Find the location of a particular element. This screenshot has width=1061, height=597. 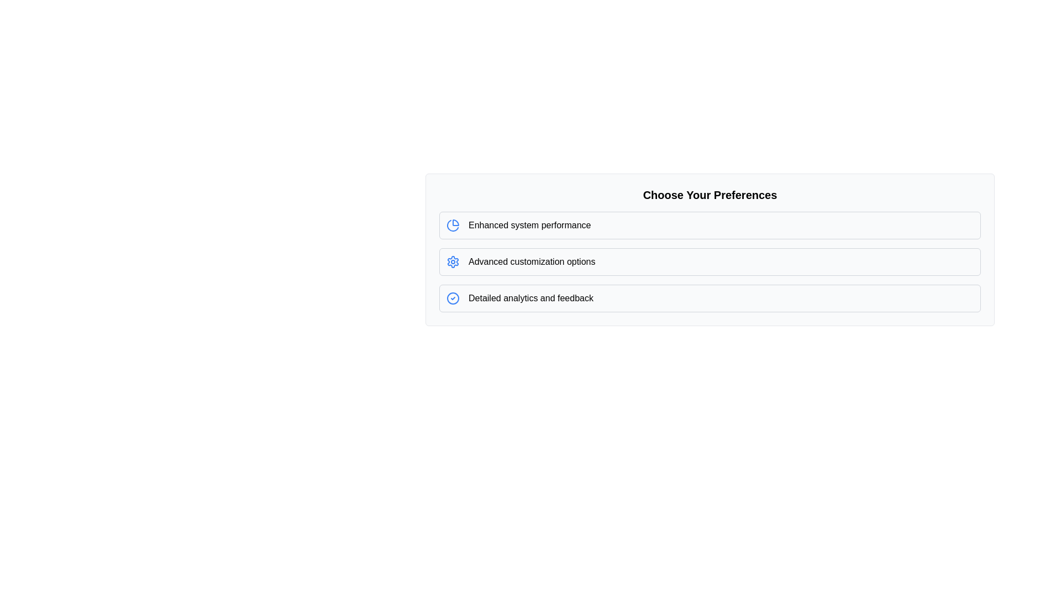

the pie chart SVG icon representing system performance metrics, which is the first option under 'Choose Your Preferences' is located at coordinates (453, 225).